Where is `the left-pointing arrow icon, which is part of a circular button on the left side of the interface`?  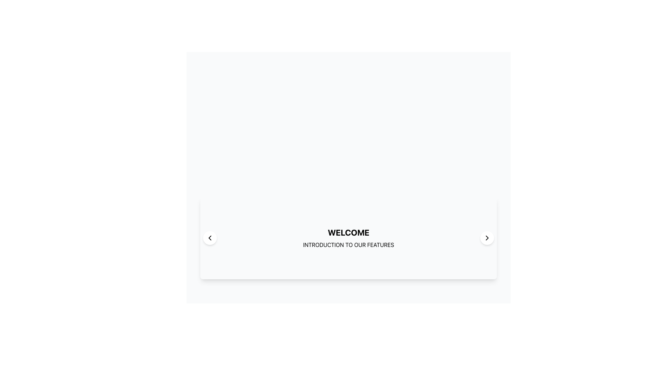
the left-pointing arrow icon, which is part of a circular button on the left side of the interface is located at coordinates (210, 237).